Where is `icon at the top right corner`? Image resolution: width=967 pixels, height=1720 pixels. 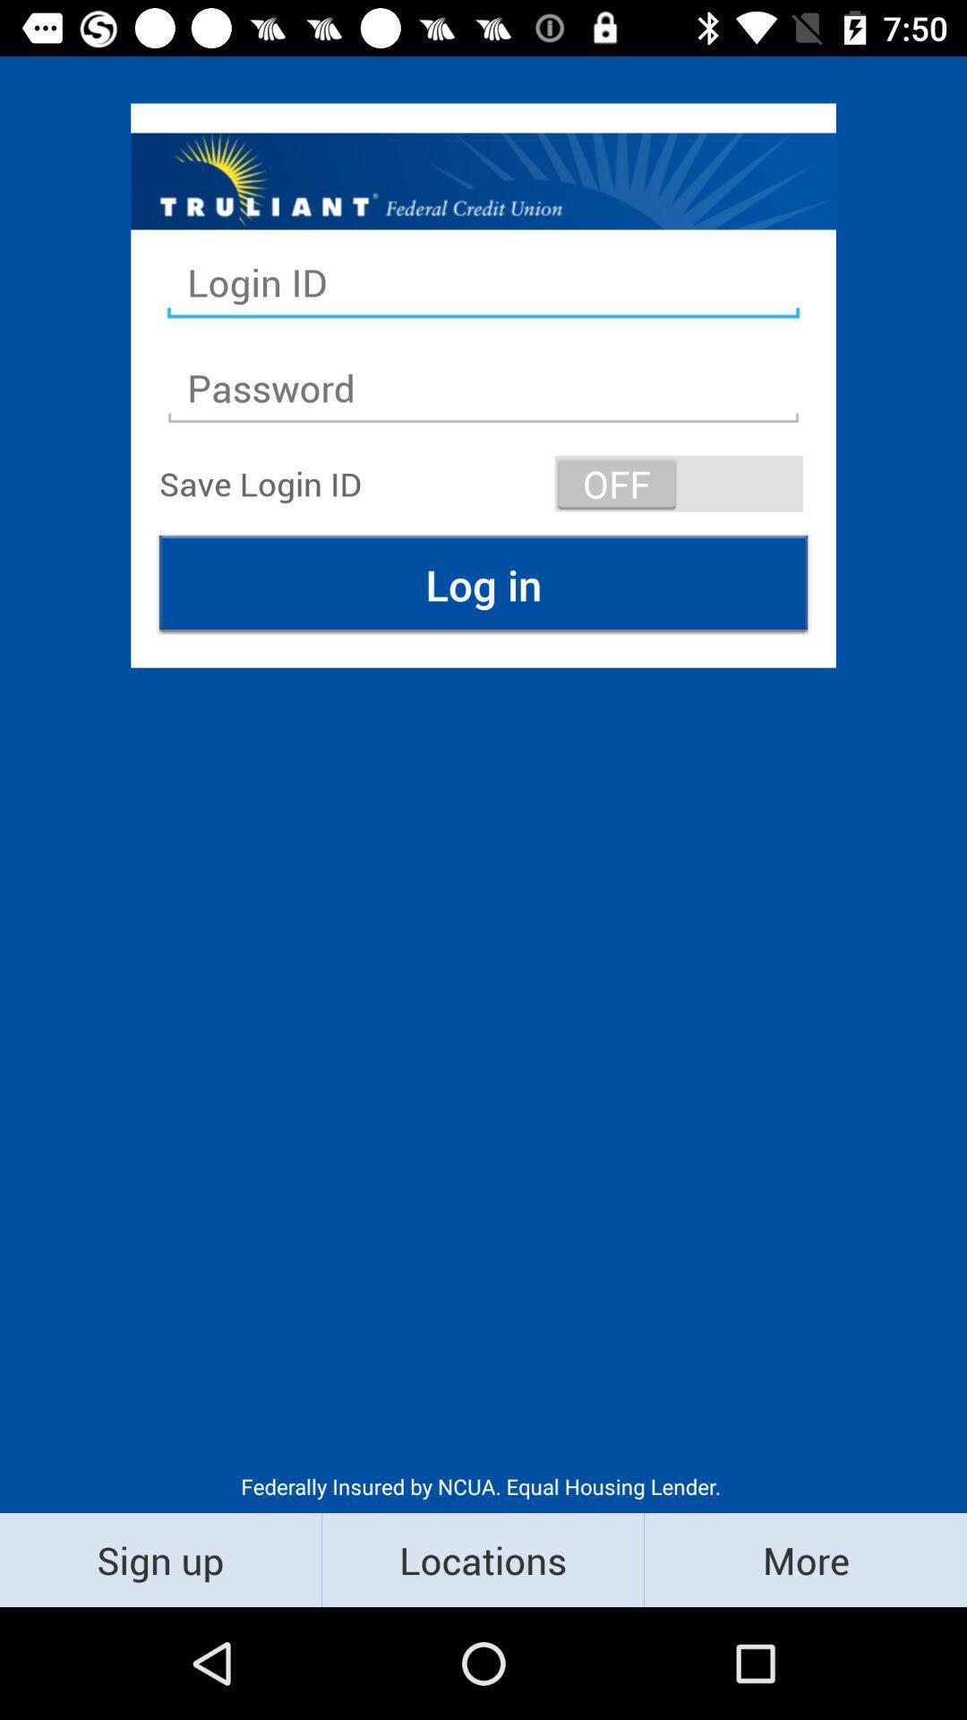
icon at the top right corner is located at coordinates (679, 483).